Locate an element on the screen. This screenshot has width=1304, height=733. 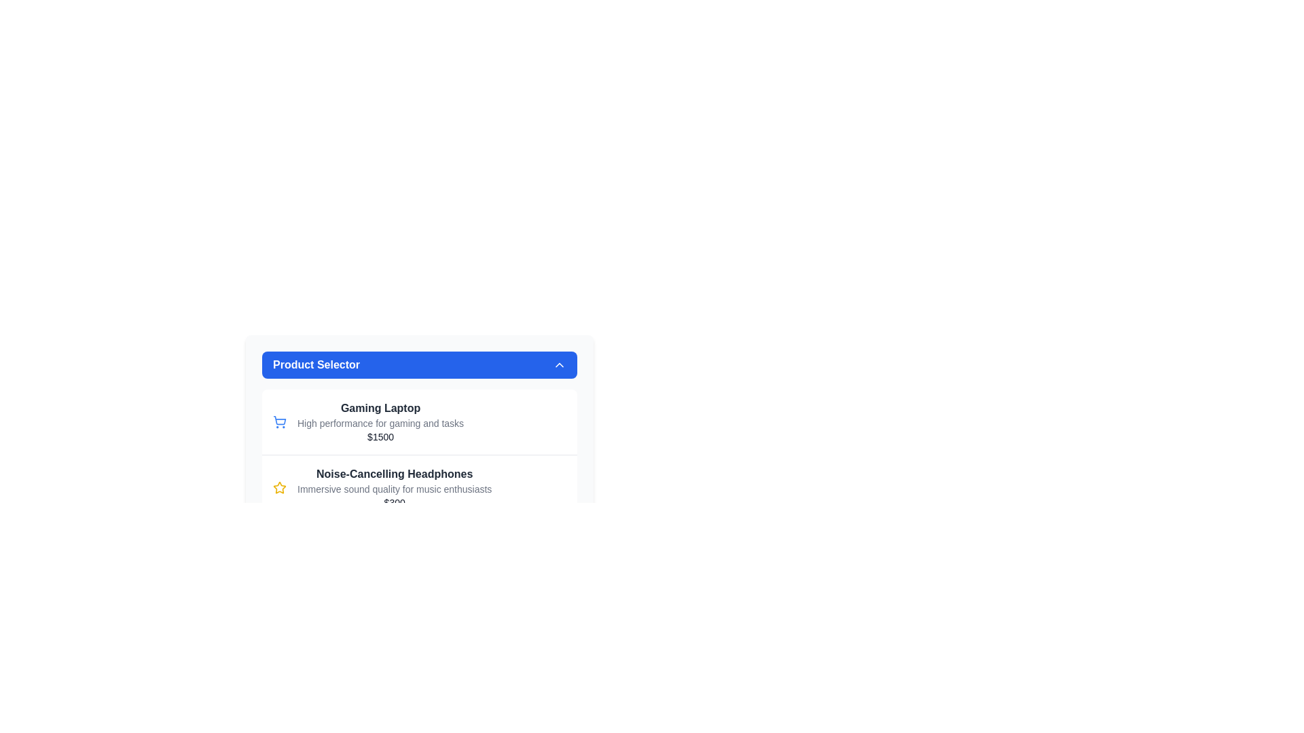
the selectable list item labeled 'Noise-Cancelling Headphones' is located at coordinates (419, 486).